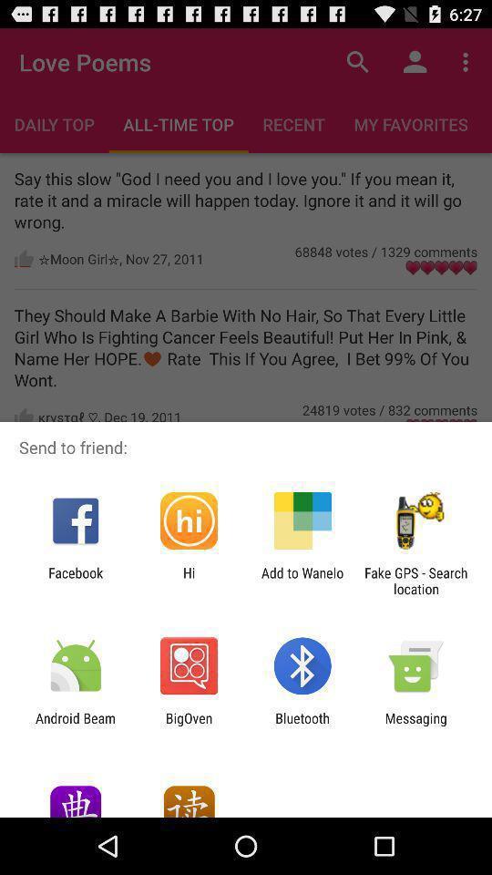 The image size is (492, 875). I want to click on the item to the right of the bigoven, so click(302, 726).